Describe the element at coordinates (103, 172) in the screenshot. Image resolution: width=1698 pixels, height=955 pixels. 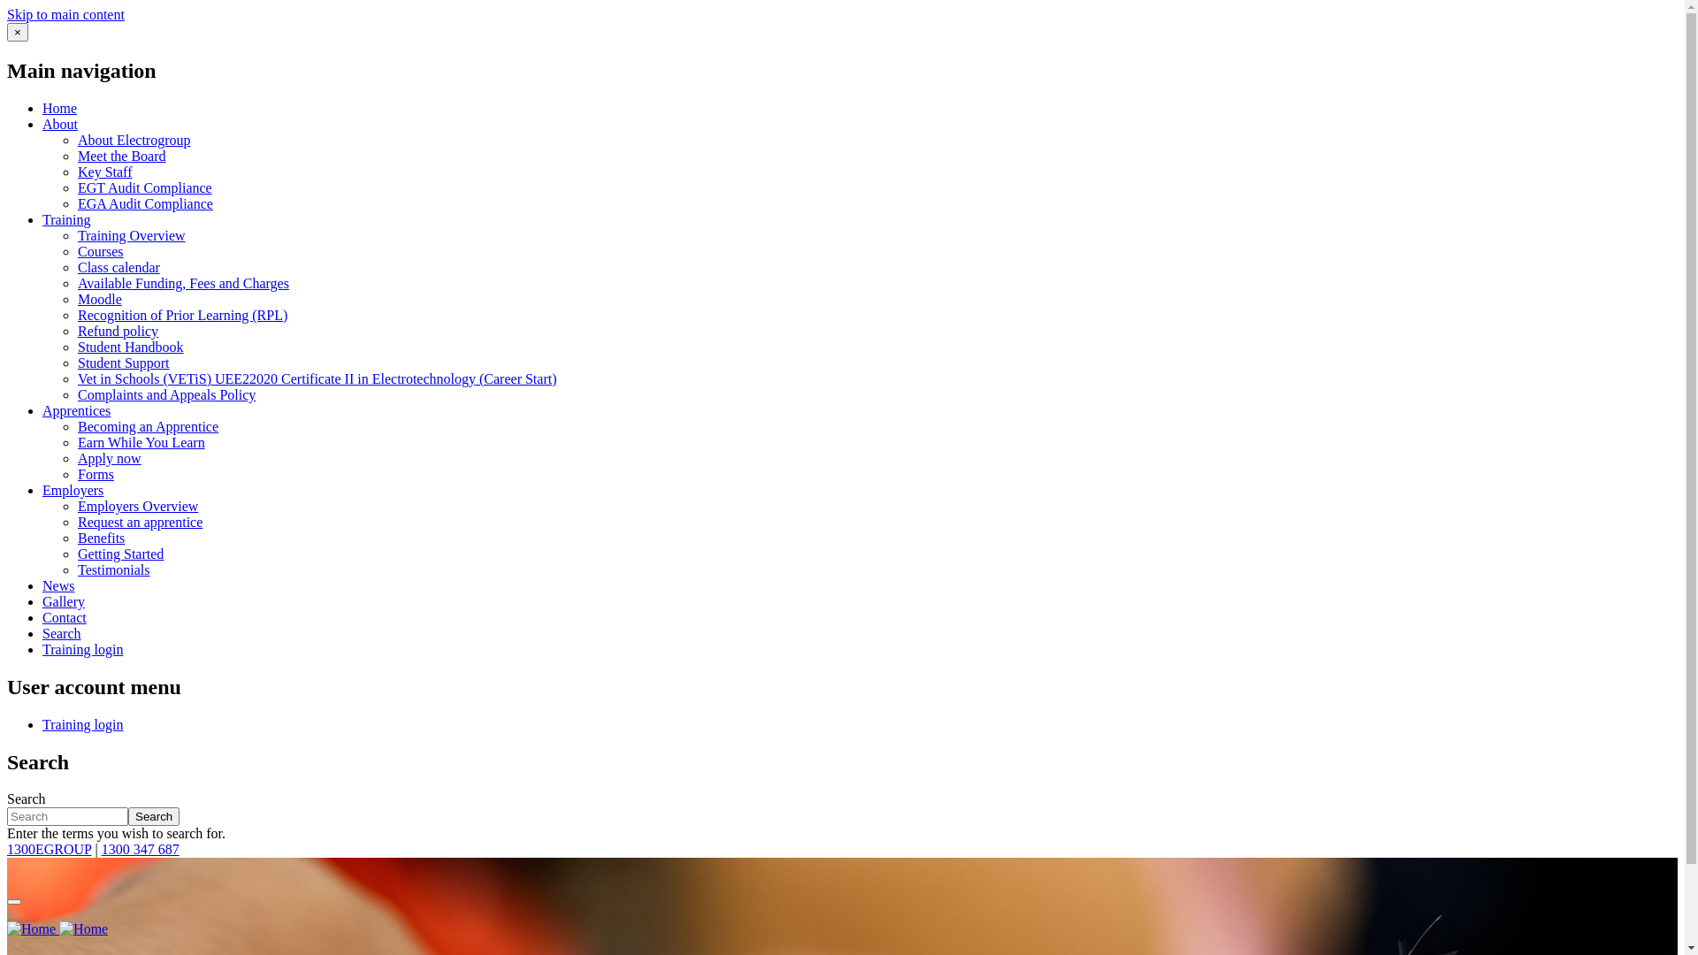
I see `'Key Staff'` at that location.